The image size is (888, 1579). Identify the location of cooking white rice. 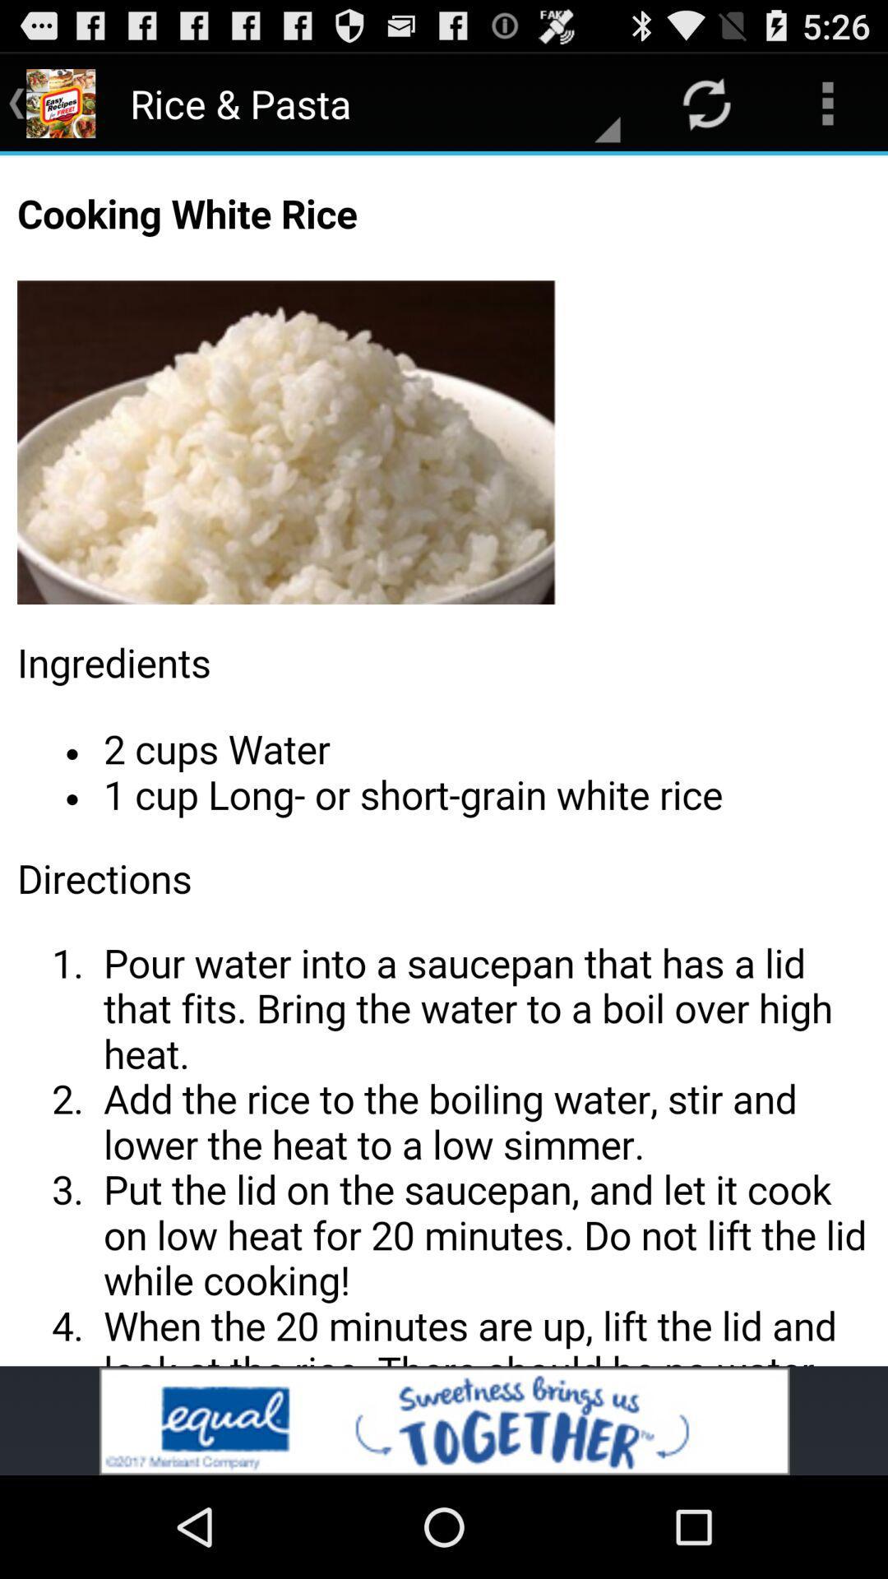
(444, 760).